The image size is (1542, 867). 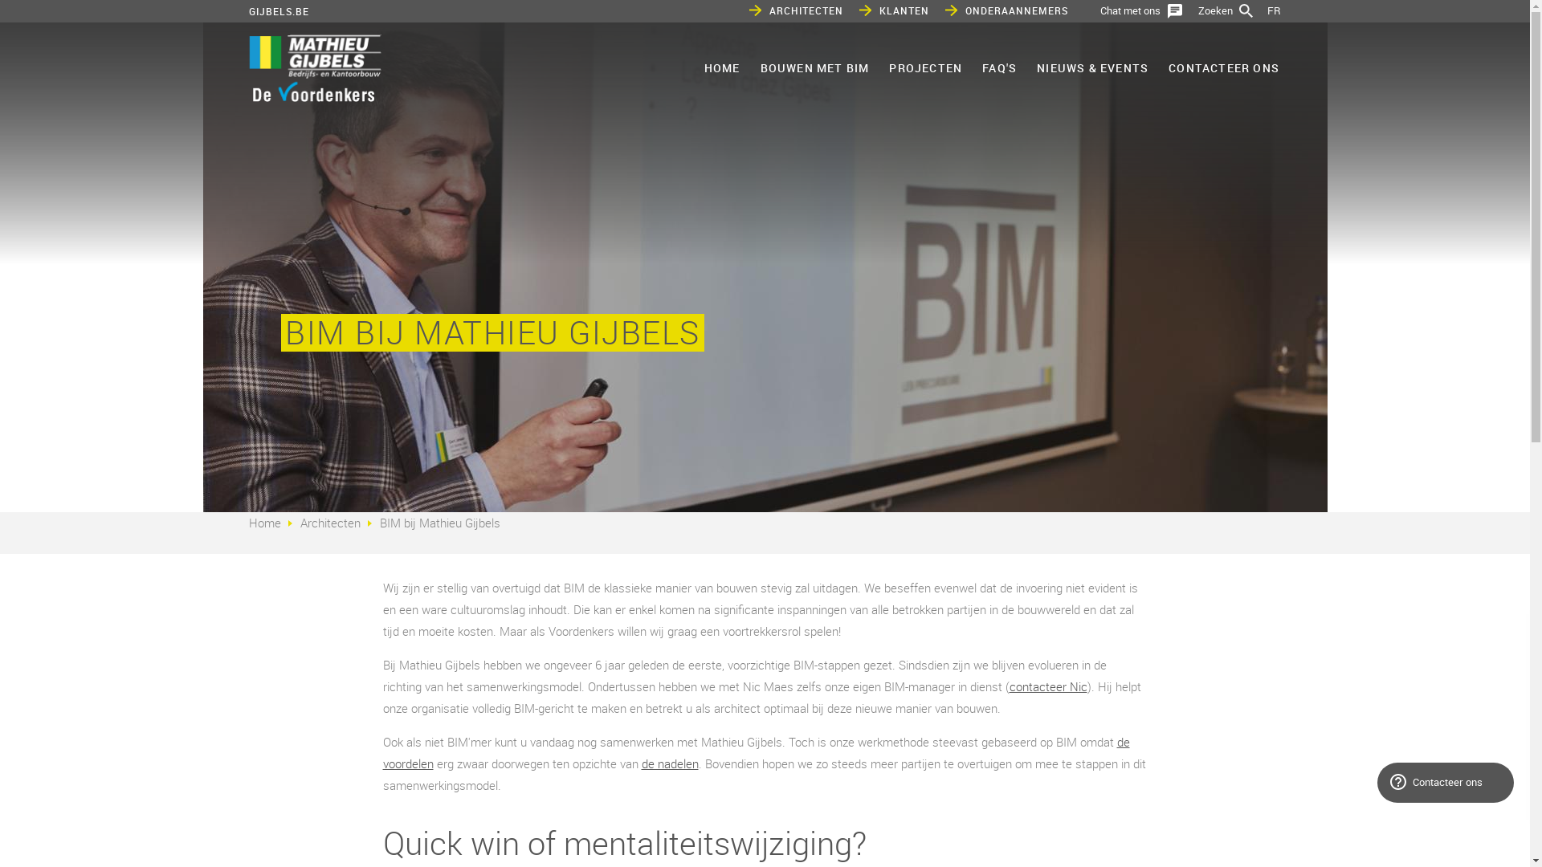 What do you see at coordinates (279, 11) in the screenshot?
I see `'GIJBELS.BE'` at bounding box center [279, 11].